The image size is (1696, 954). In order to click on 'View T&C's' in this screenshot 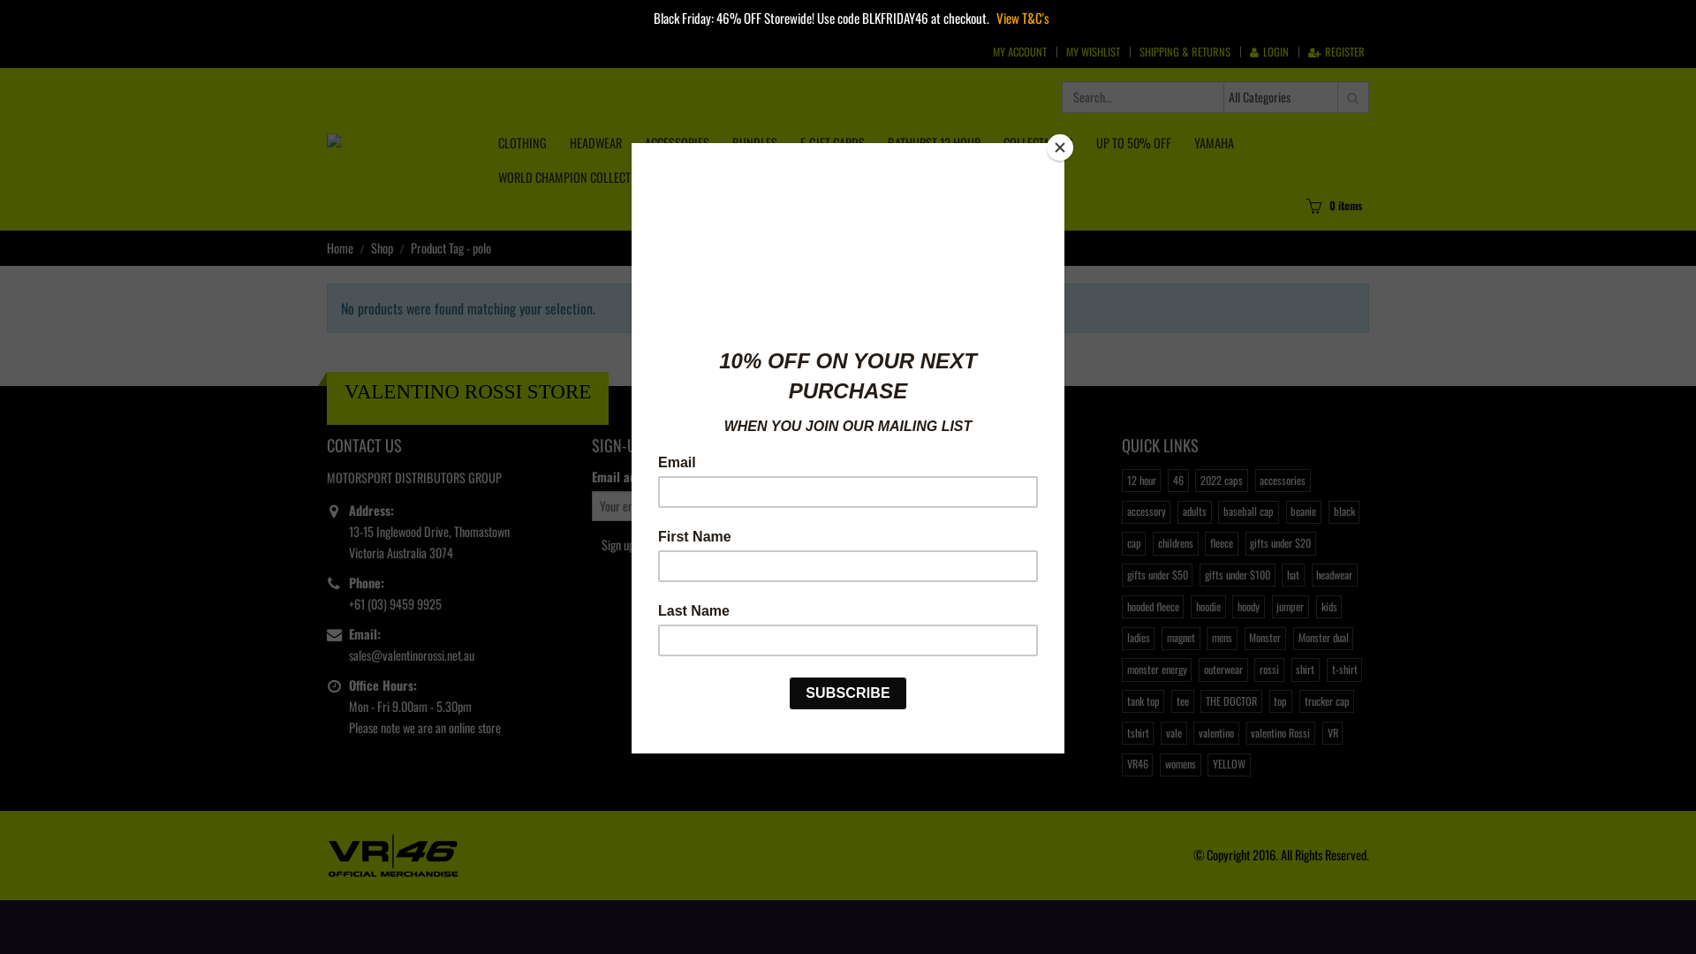, I will do `click(1022, 17)`.